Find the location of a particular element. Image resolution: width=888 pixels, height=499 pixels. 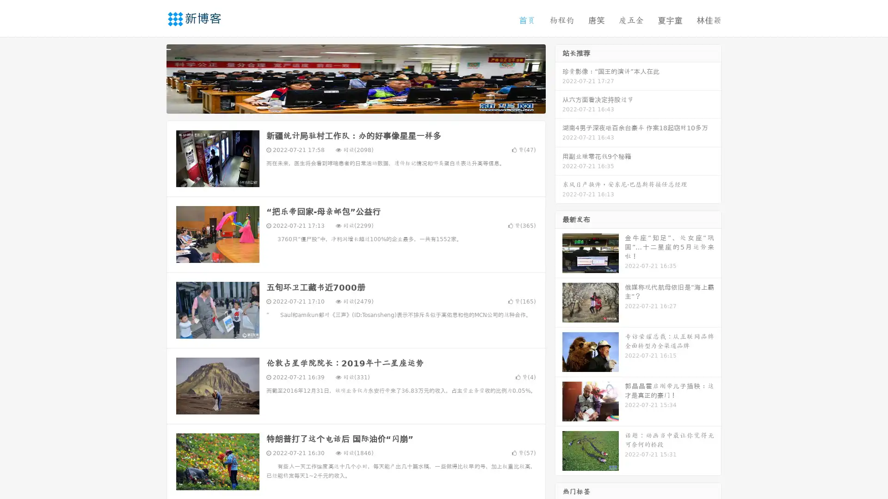

Previous slide is located at coordinates (153, 78).